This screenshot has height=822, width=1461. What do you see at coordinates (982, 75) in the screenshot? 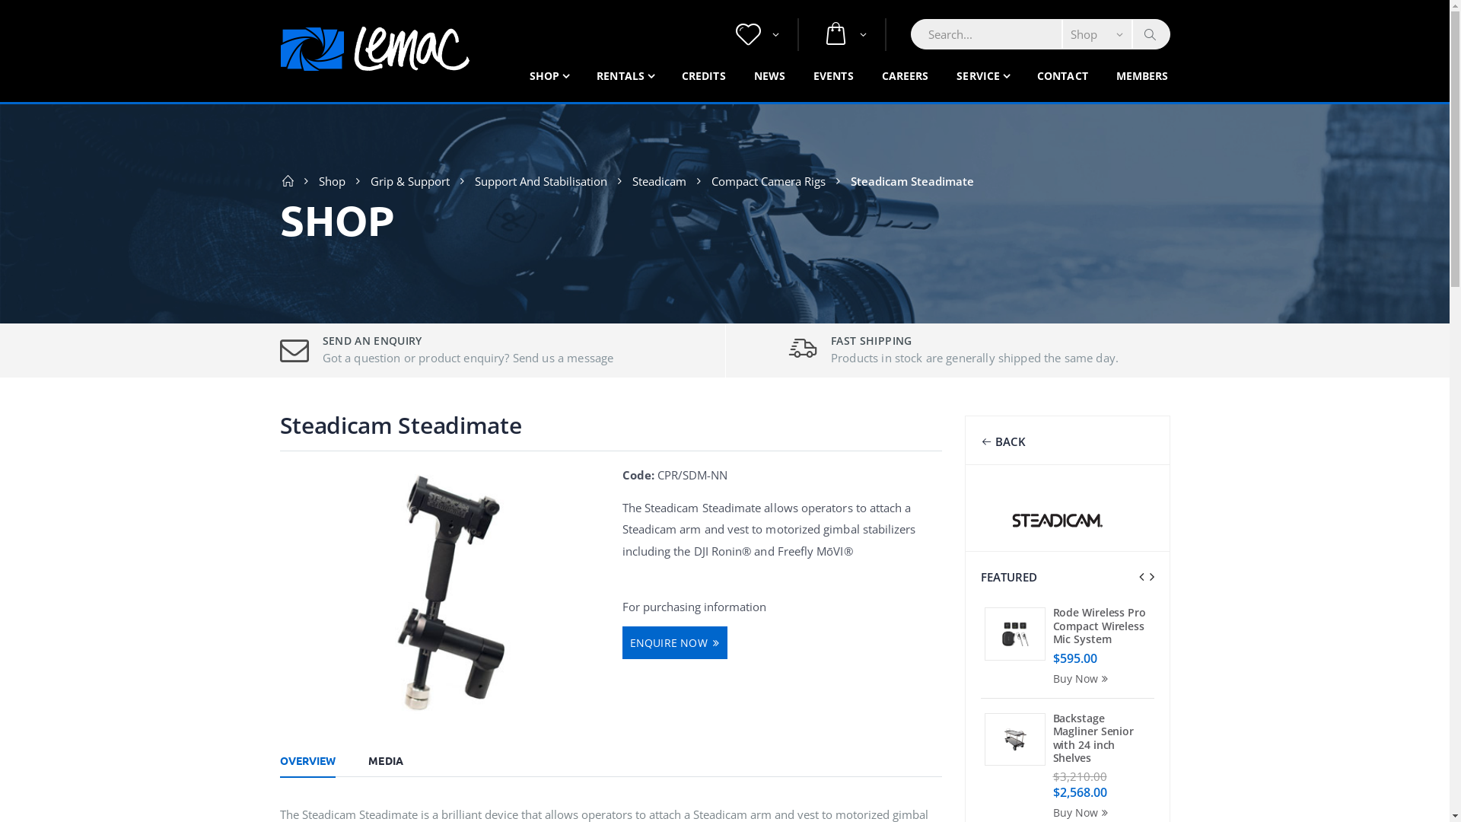
I see `'SERVICE'` at bounding box center [982, 75].